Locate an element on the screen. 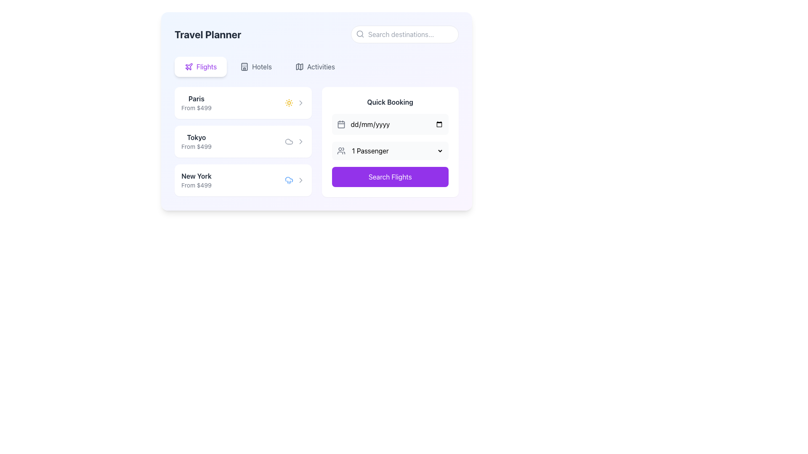 This screenshot has width=808, height=454. the Dropdown menu labeled '1 Passenger' located in the 'Quick Booking' section to interact with its contents is located at coordinates (390, 150).